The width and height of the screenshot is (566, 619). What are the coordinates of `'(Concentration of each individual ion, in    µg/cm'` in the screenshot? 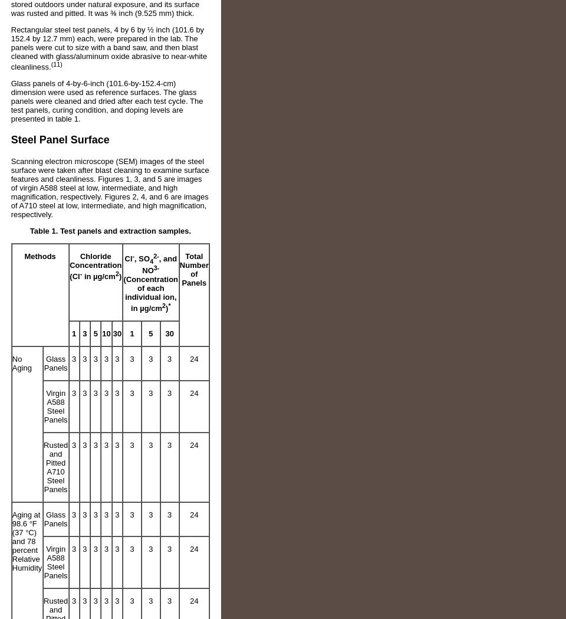 It's located at (150, 293).